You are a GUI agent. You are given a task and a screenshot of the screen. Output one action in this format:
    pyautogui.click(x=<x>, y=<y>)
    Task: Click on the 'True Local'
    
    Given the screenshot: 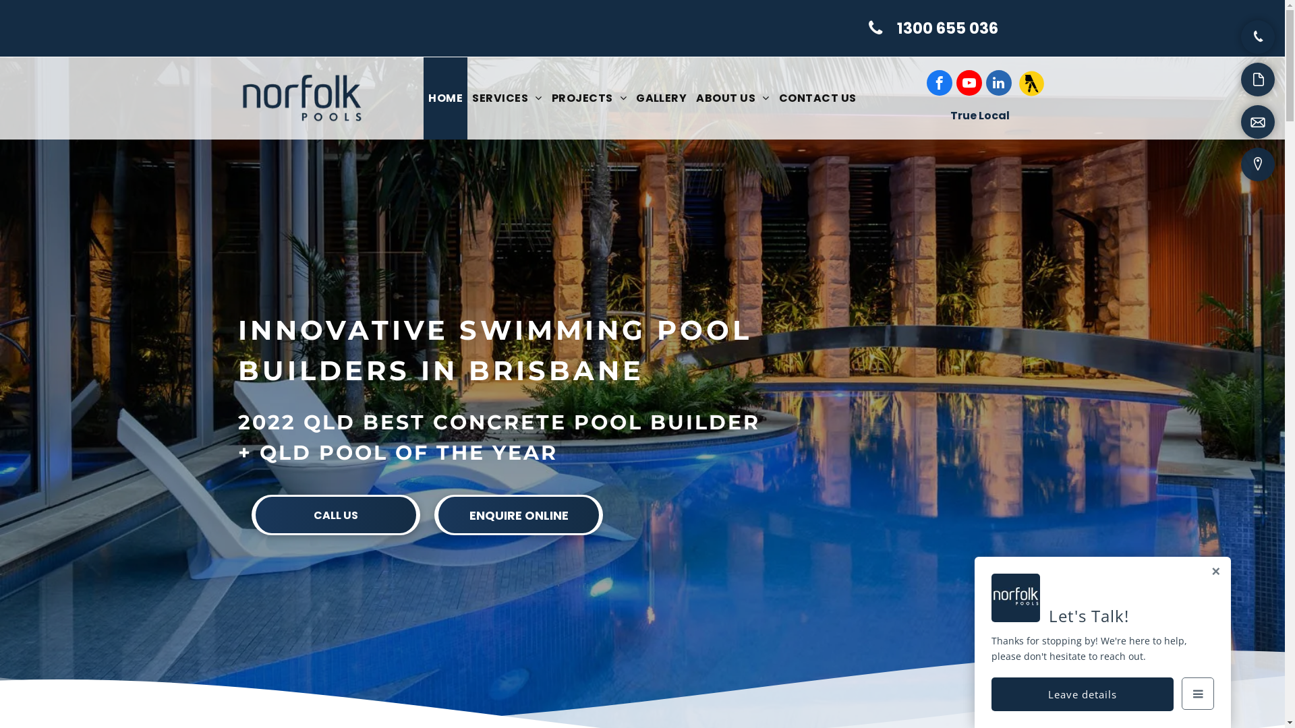 What is the action you would take?
    pyautogui.click(x=979, y=115)
    